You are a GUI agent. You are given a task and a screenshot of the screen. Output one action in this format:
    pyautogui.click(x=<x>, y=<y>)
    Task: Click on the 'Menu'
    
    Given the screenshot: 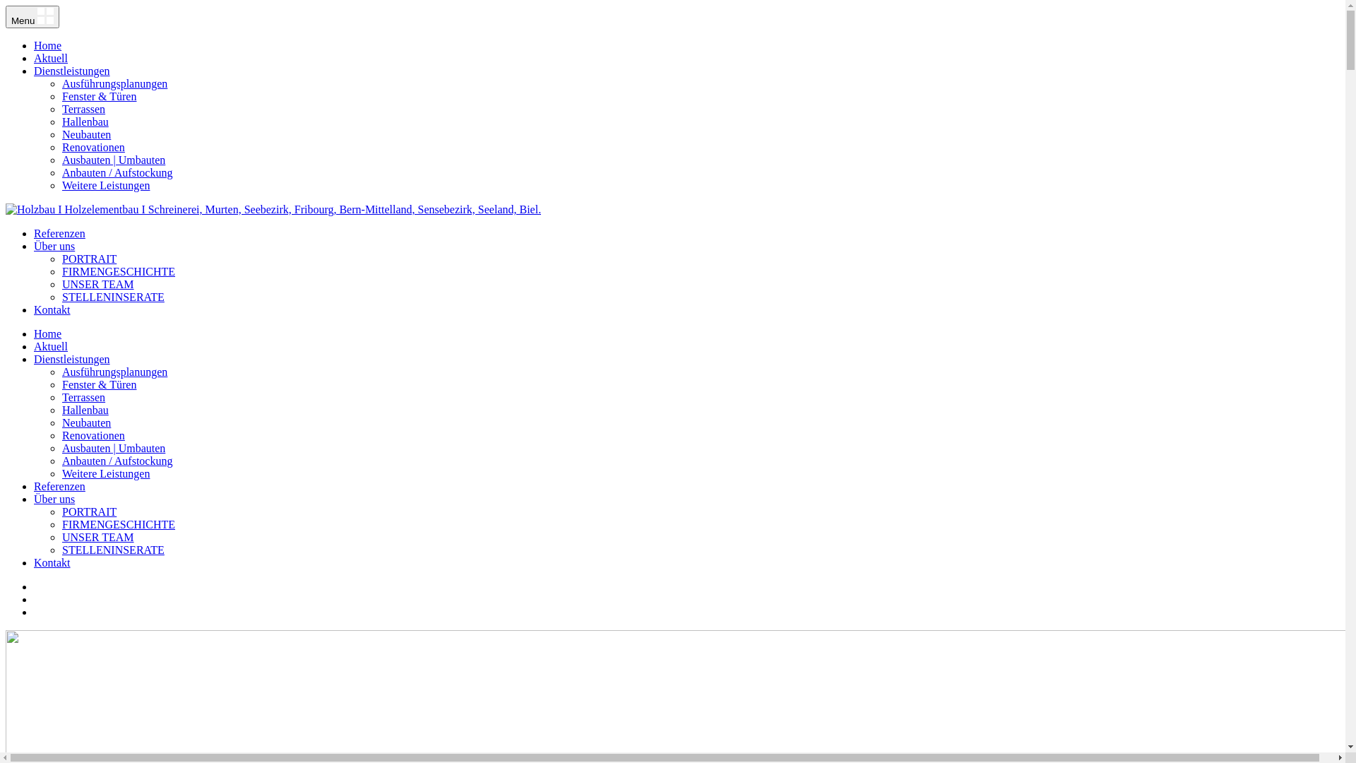 What is the action you would take?
    pyautogui.click(x=32, y=16)
    